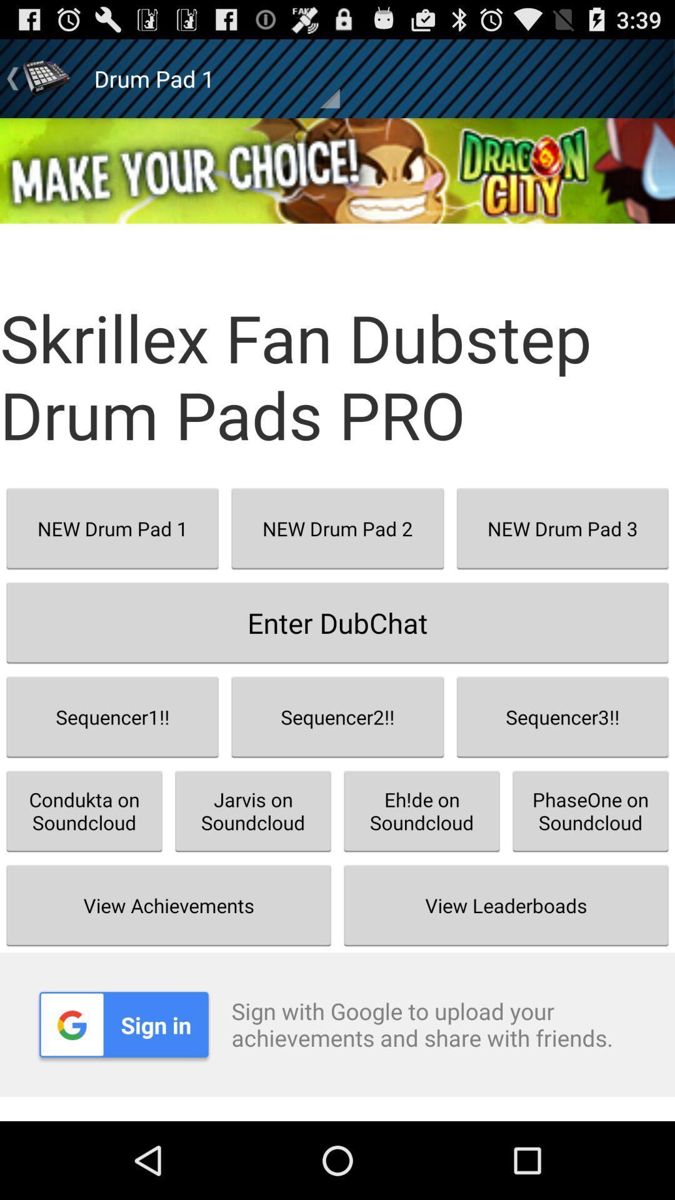 The height and width of the screenshot is (1200, 675). I want to click on enter dubchat icon, so click(337, 622).